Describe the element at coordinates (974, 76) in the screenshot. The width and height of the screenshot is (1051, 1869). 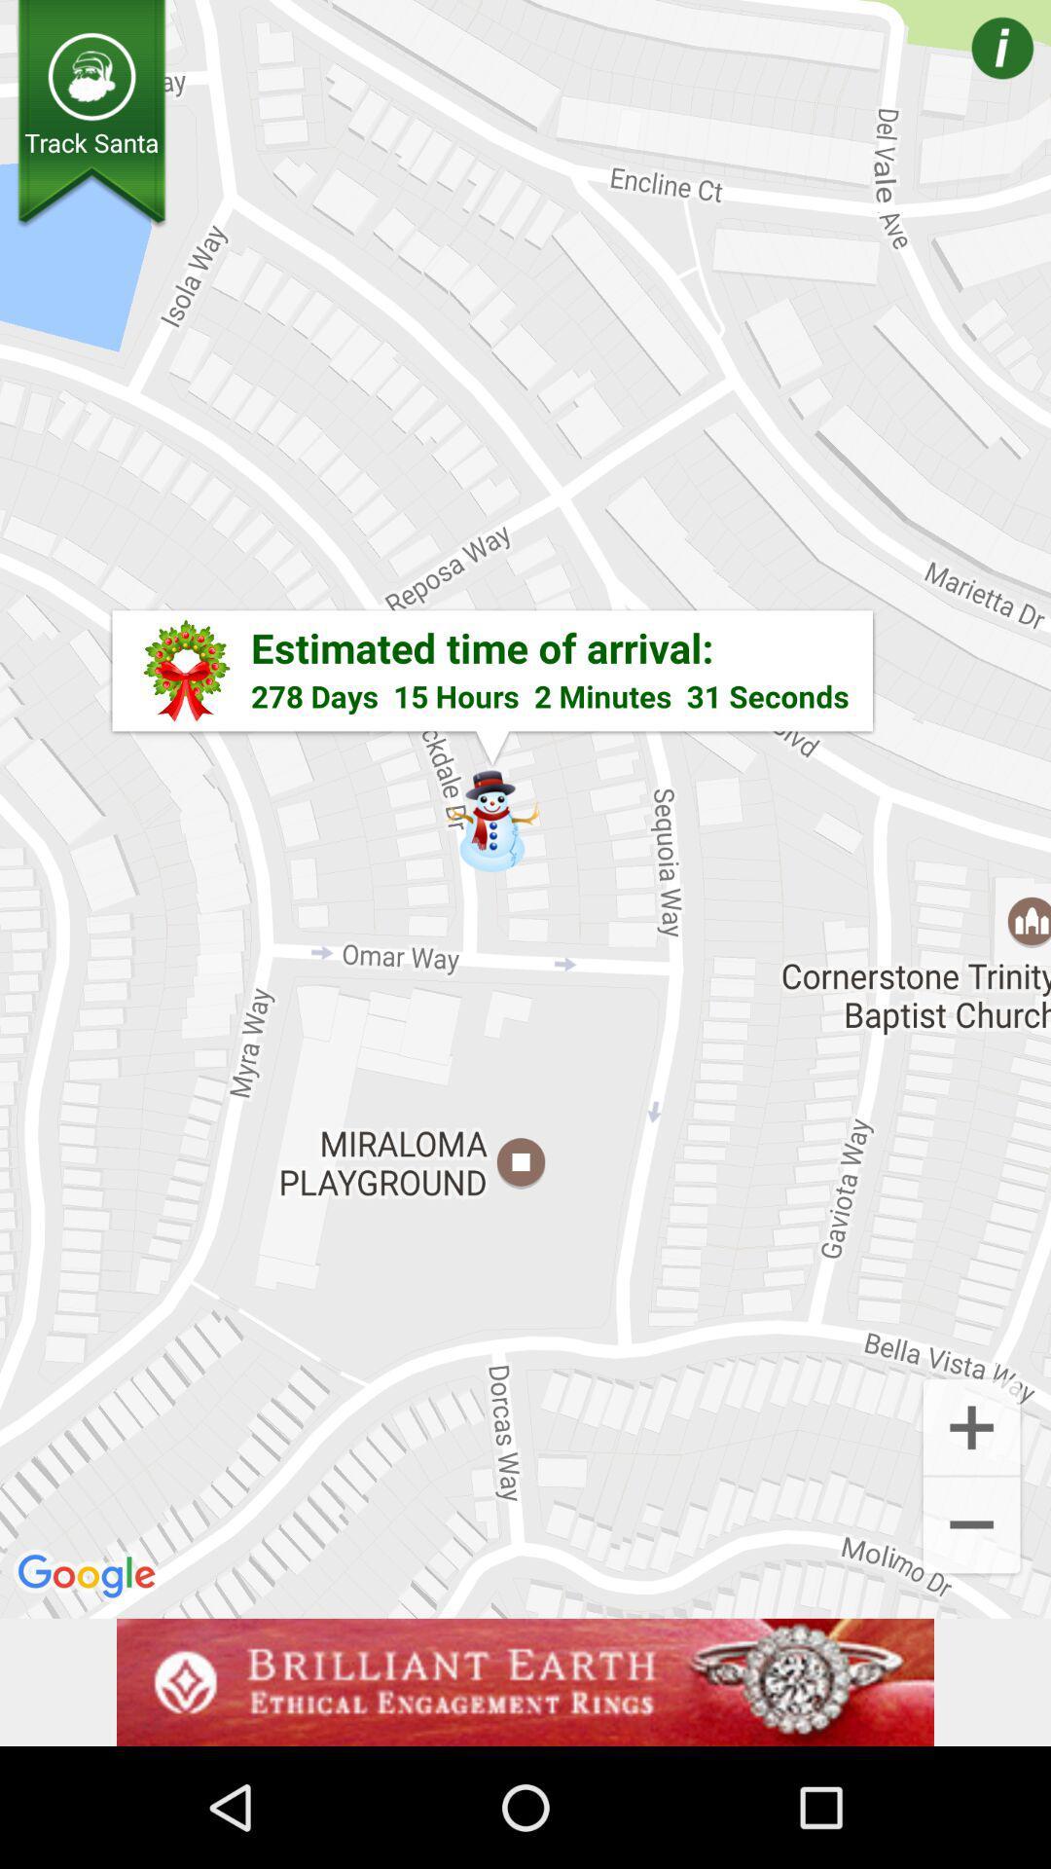
I see `see more information` at that location.